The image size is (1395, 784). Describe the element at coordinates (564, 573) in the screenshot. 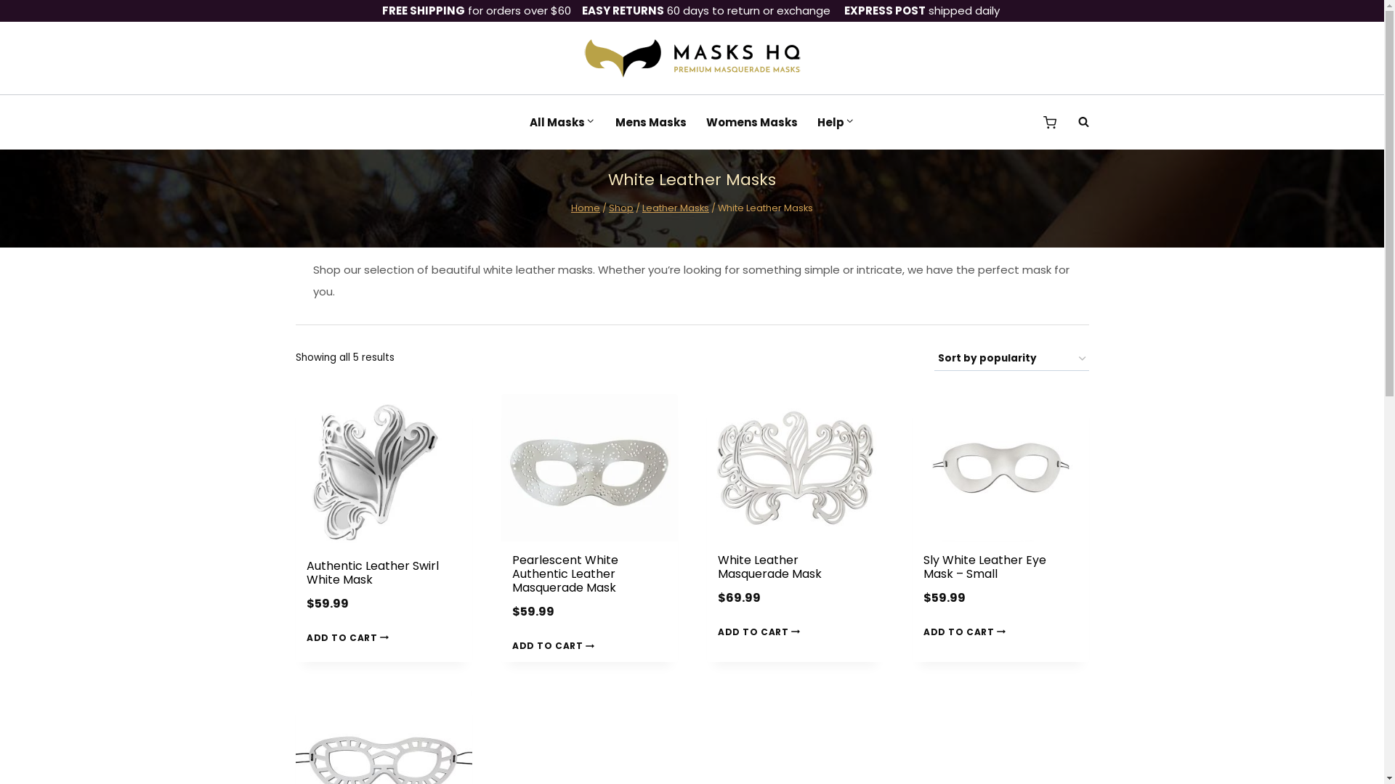

I see `'Pearlescent White Authentic Leather Masquerade Mask'` at that location.